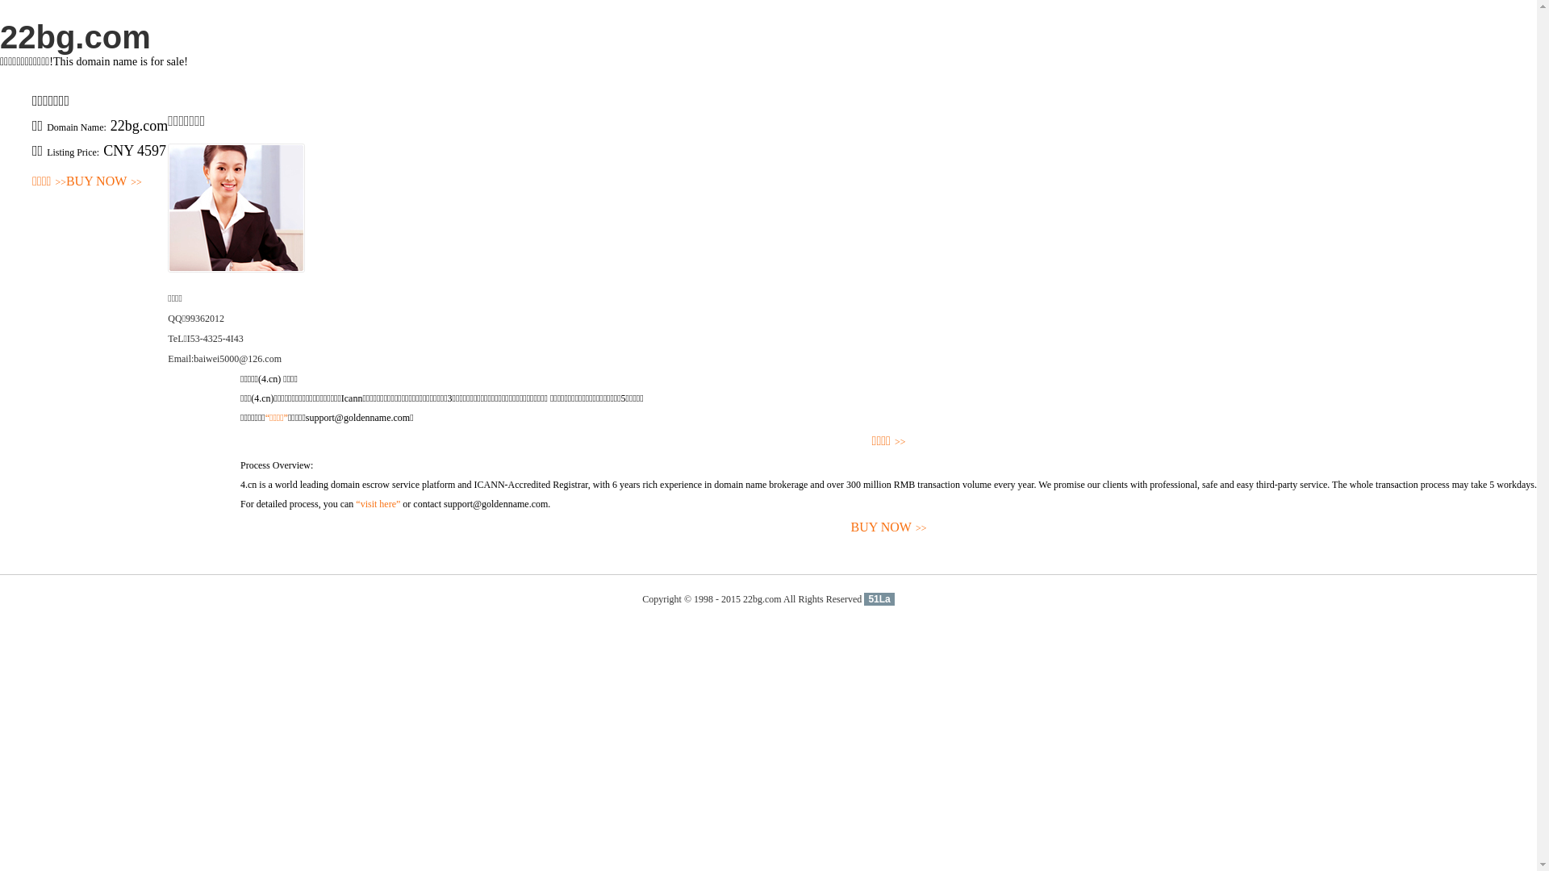 The width and height of the screenshot is (1549, 871). Describe the element at coordinates (103, 181) in the screenshot. I see `'BUY NOW>>'` at that location.